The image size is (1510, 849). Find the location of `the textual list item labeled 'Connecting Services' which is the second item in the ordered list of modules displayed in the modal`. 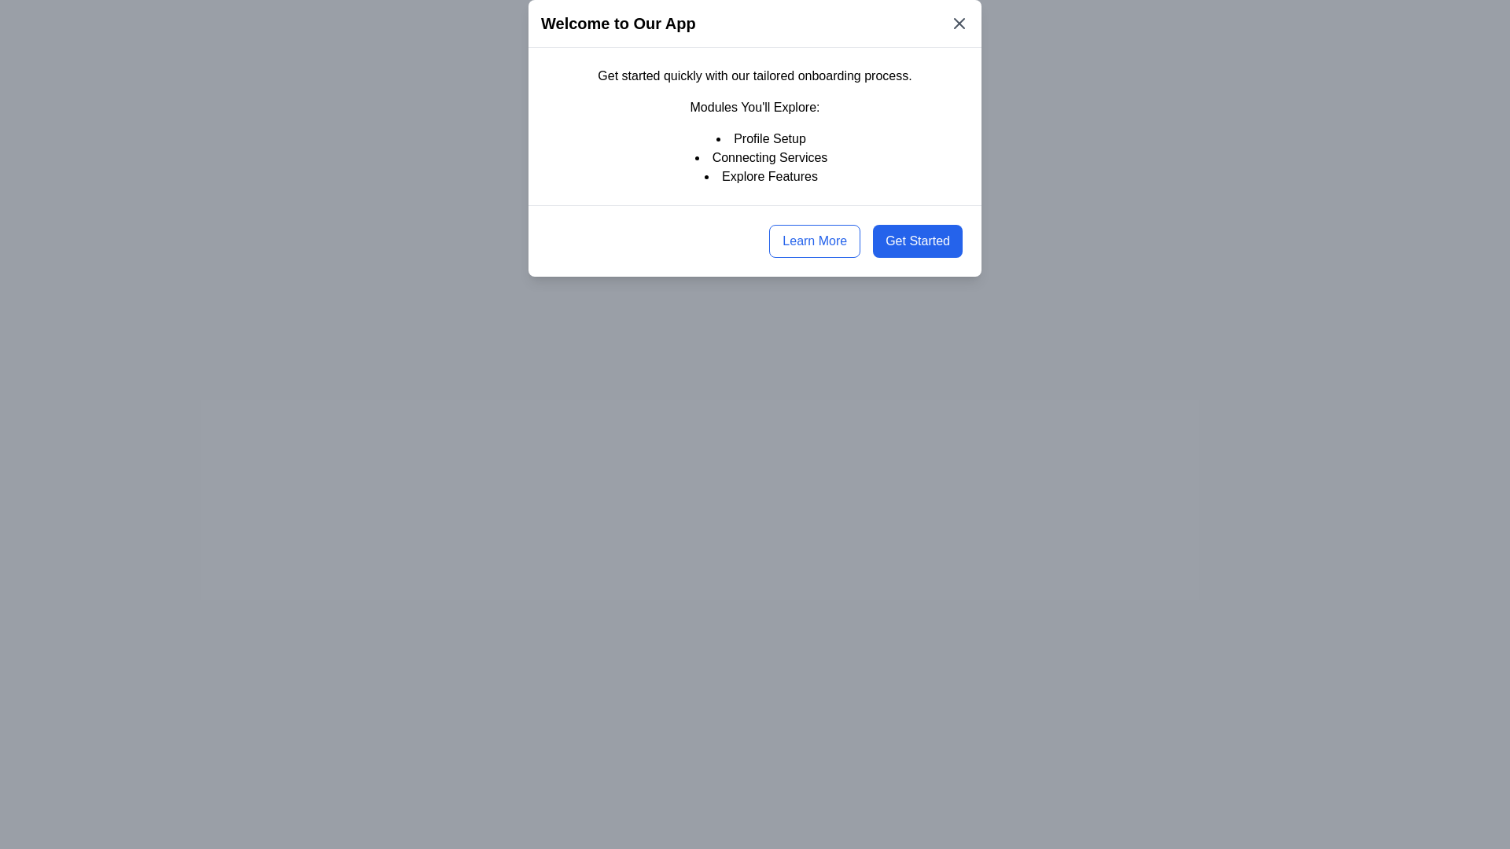

the textual list item labeled 'Connecting Services' which is the second item in the ordered list of modules displayed in the modal is located at coordinates (761, 157).